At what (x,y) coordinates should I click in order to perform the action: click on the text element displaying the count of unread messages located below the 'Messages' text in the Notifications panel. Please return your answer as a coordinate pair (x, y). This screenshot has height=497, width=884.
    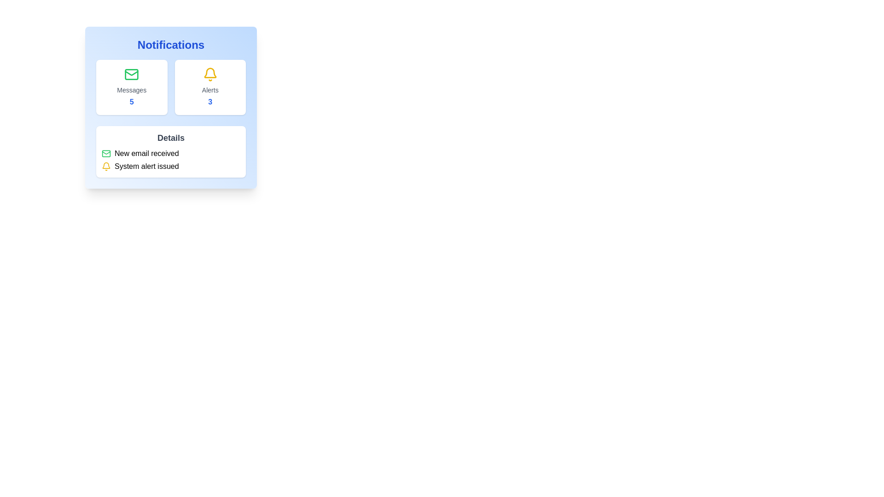
    Looking at the image, I should click on (131, 102).